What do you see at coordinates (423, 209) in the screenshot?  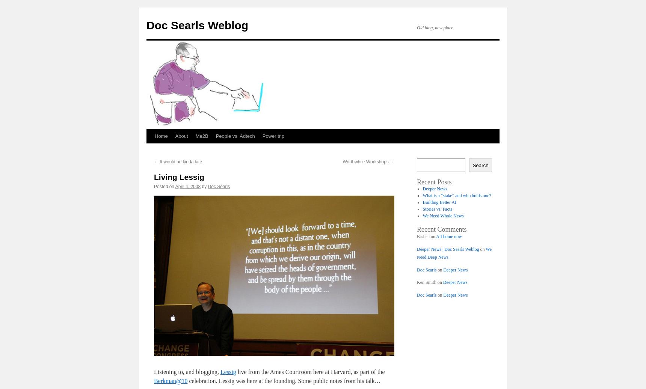 I see `'Stories vs. Facts'` at bounding box center [423, 209].